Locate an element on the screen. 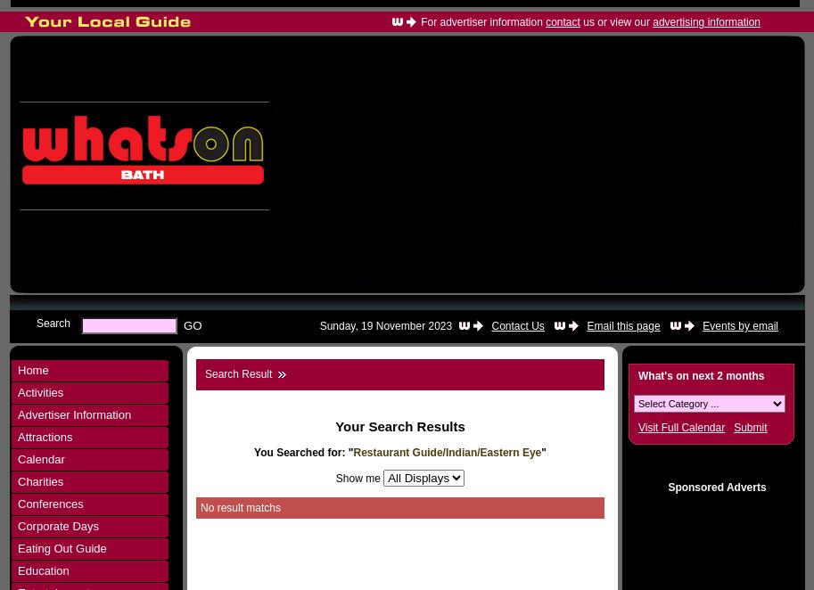 This screenshot has height=590, width=814. 'What's on next 2 months' is located at coordinates (701, 376).